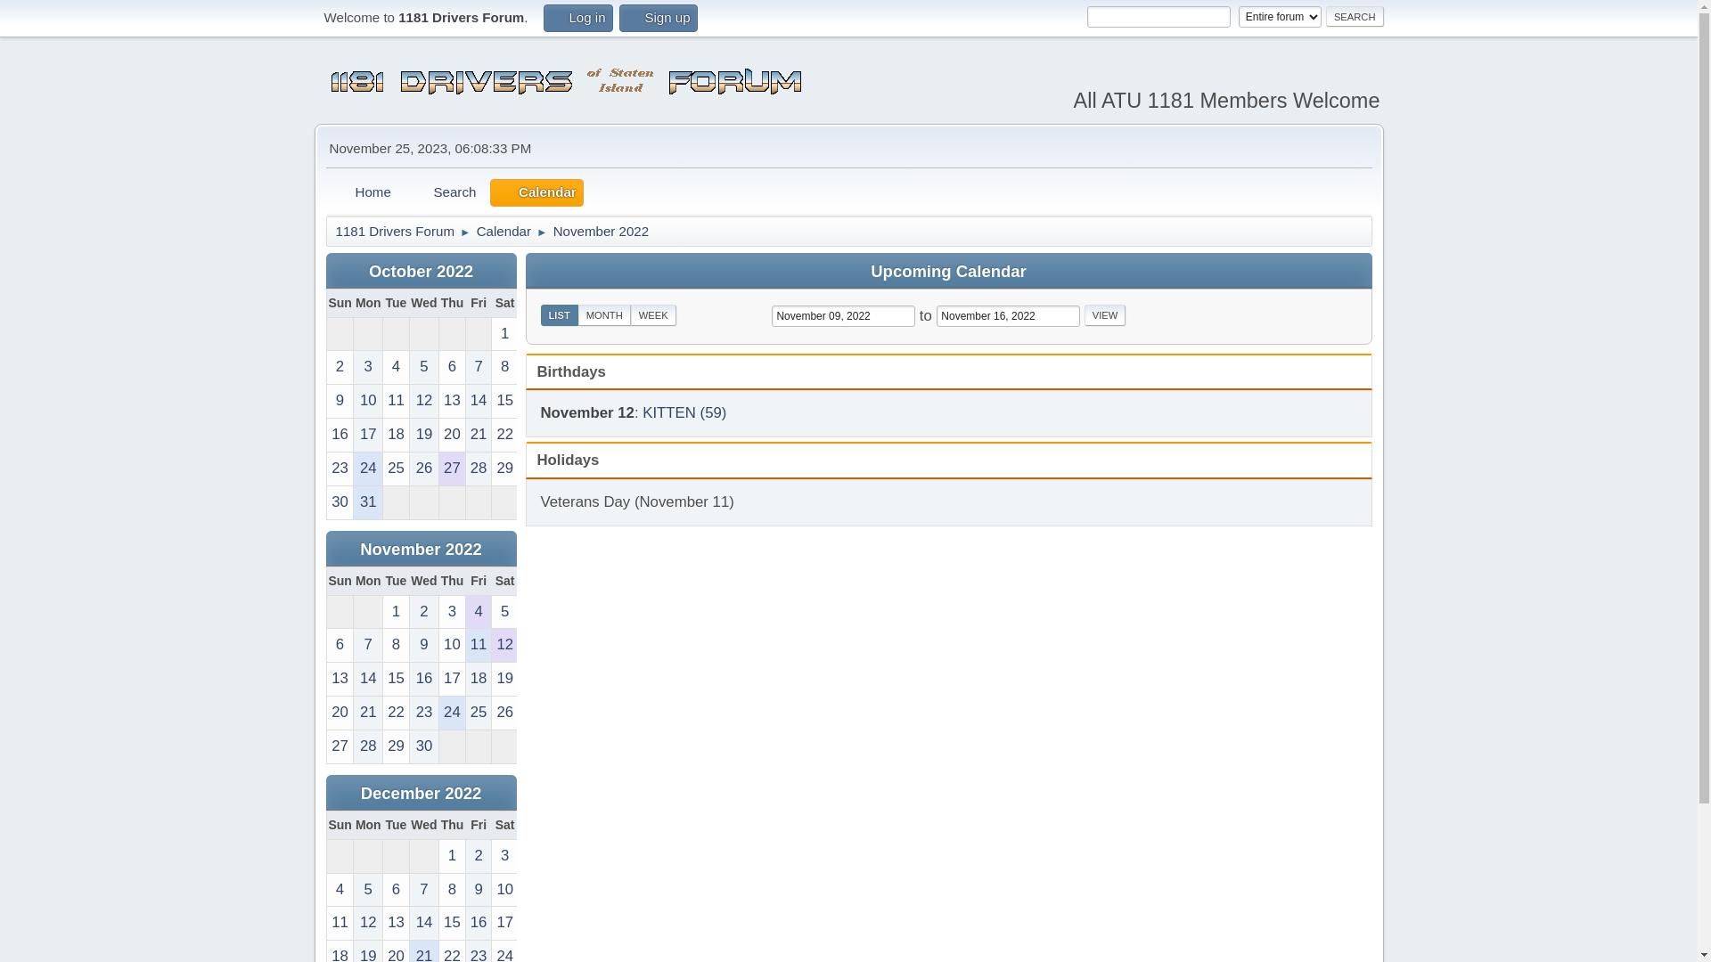 This screenshot has width=1711, height=962. What do you see at coordinates (422, 468) in the screenshot?
I see `'26'` at bounding box center [422, 468].